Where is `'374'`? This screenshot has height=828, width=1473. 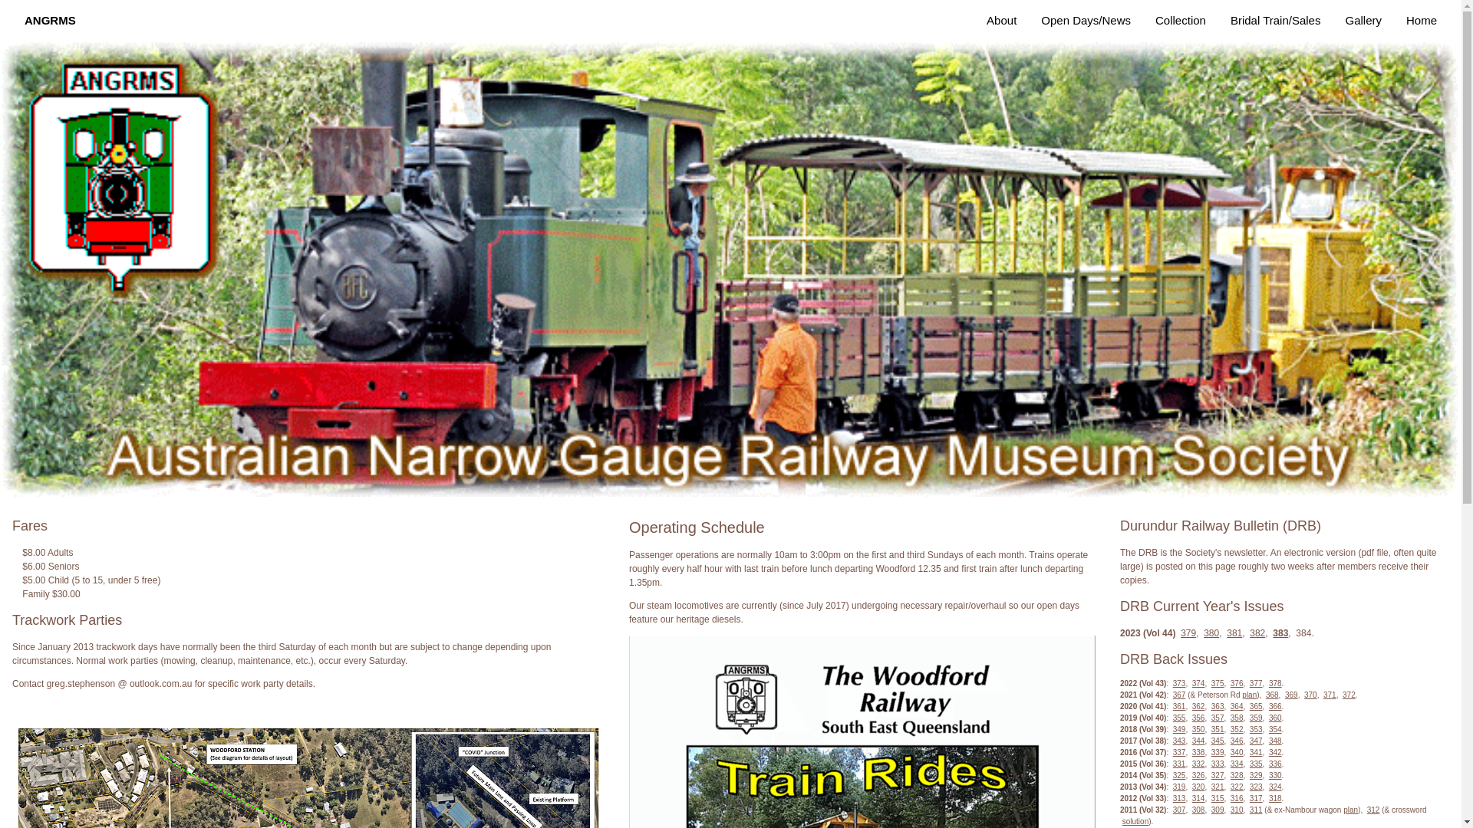
'374' is located at coordinates (1198, 682).